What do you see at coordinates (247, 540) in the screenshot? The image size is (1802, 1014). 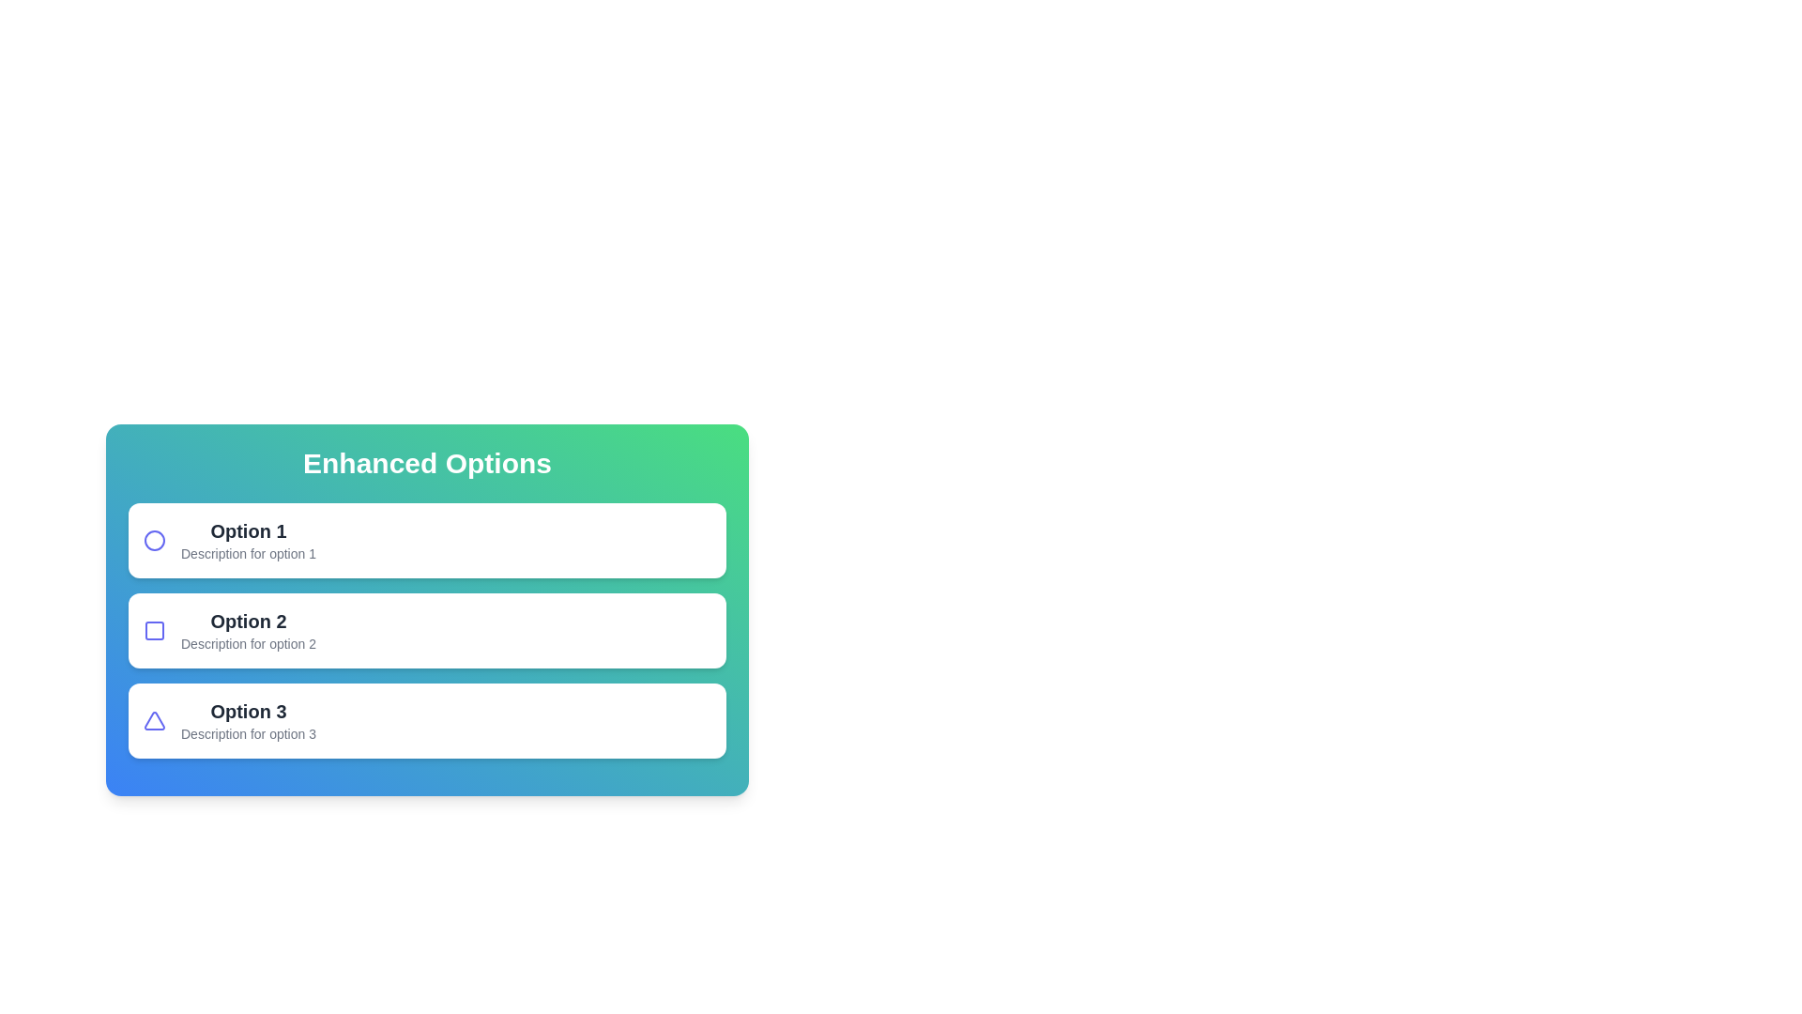 I see `the Text label with the header 'Option 1'` at bounding box center [247, 540].